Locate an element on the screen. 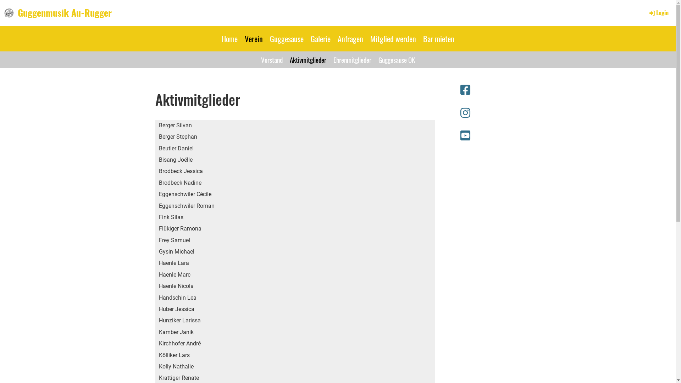  'Galerie' is located at coordinates (320, 39).